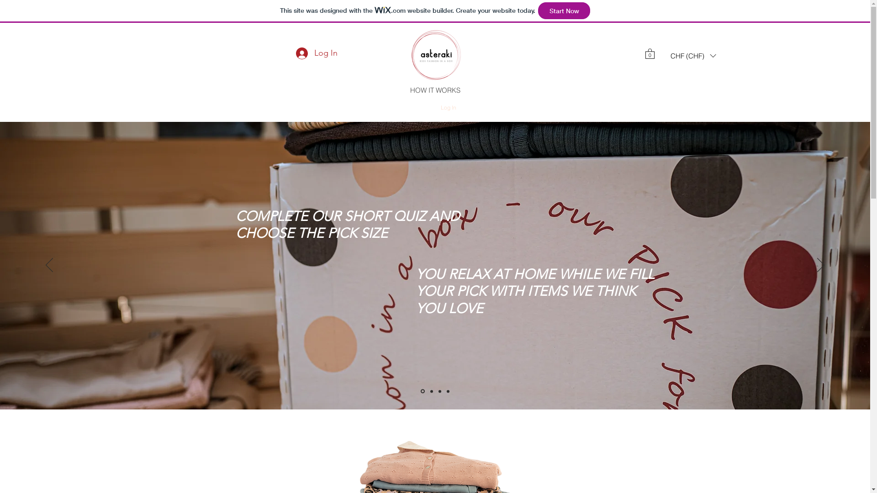  Describe the element at coordinates (433, 107) in the screenshot. I see `'Log In'` at that location.